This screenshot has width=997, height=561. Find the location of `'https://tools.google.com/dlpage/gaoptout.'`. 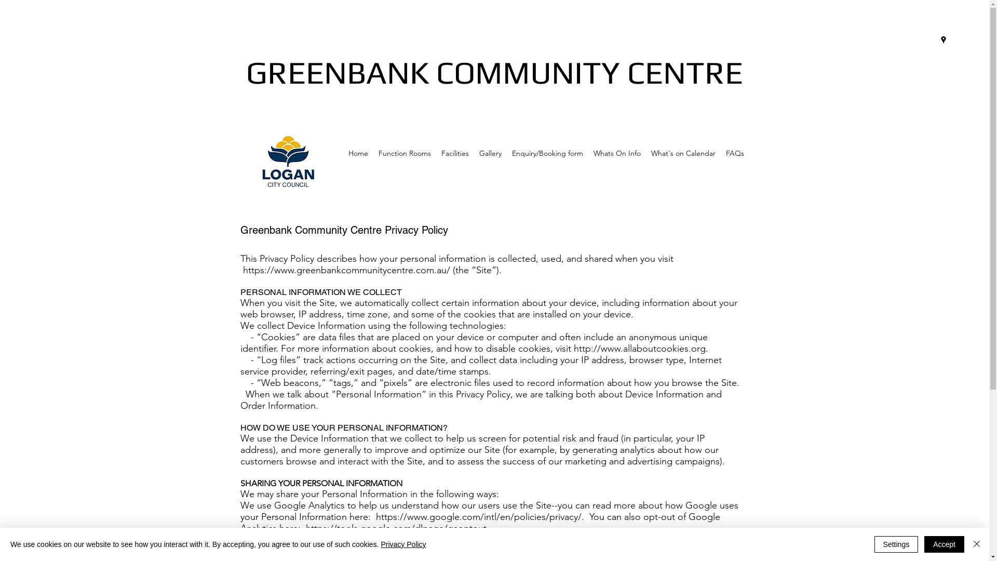

'https://tools.google.com/dlpage/gaoptout.' is located at coordinates (305, 528).